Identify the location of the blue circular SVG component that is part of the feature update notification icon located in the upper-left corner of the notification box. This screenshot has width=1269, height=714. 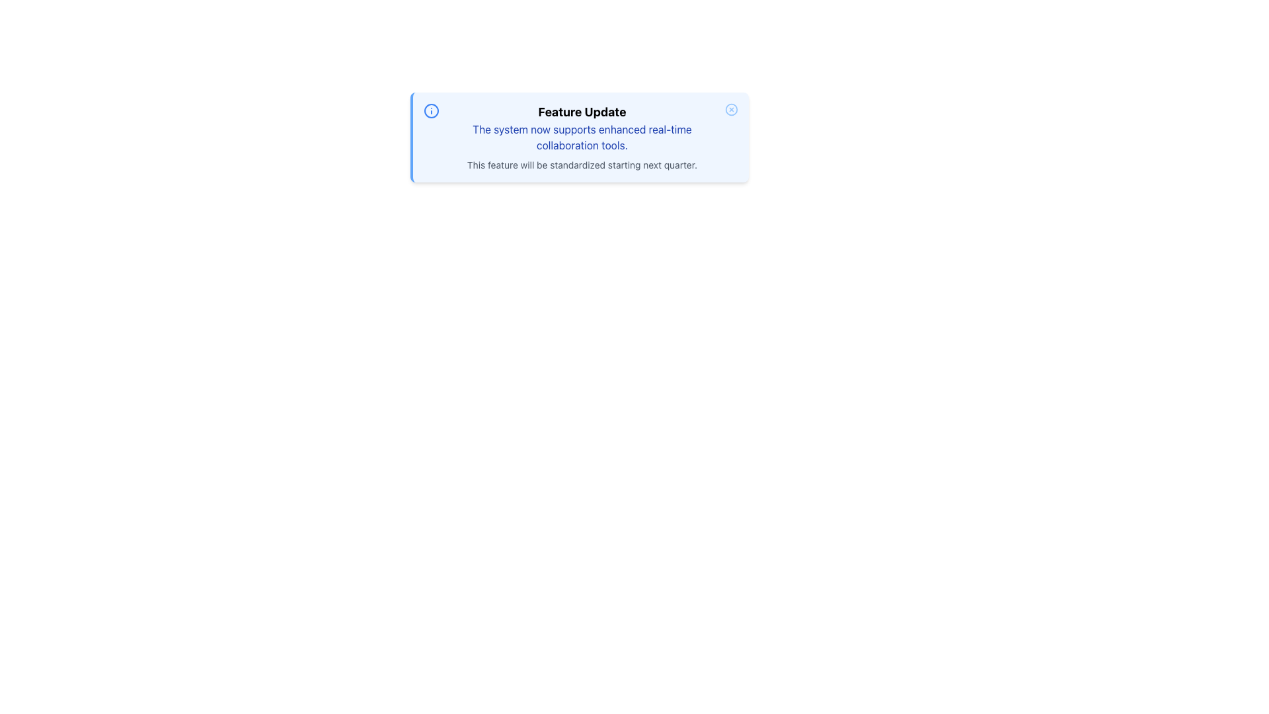
(431, 110).